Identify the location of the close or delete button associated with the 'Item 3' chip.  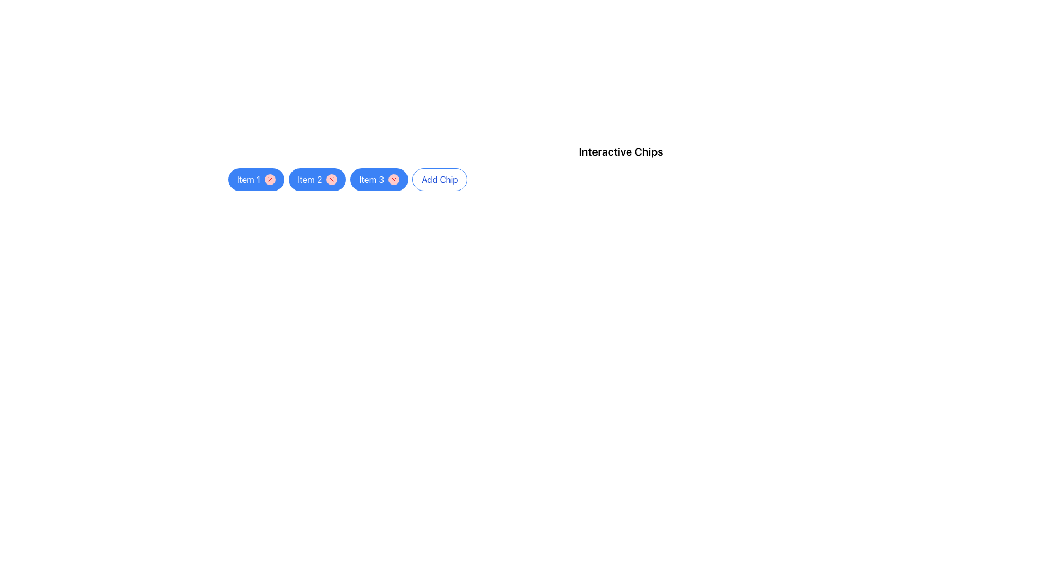
(393, 179).